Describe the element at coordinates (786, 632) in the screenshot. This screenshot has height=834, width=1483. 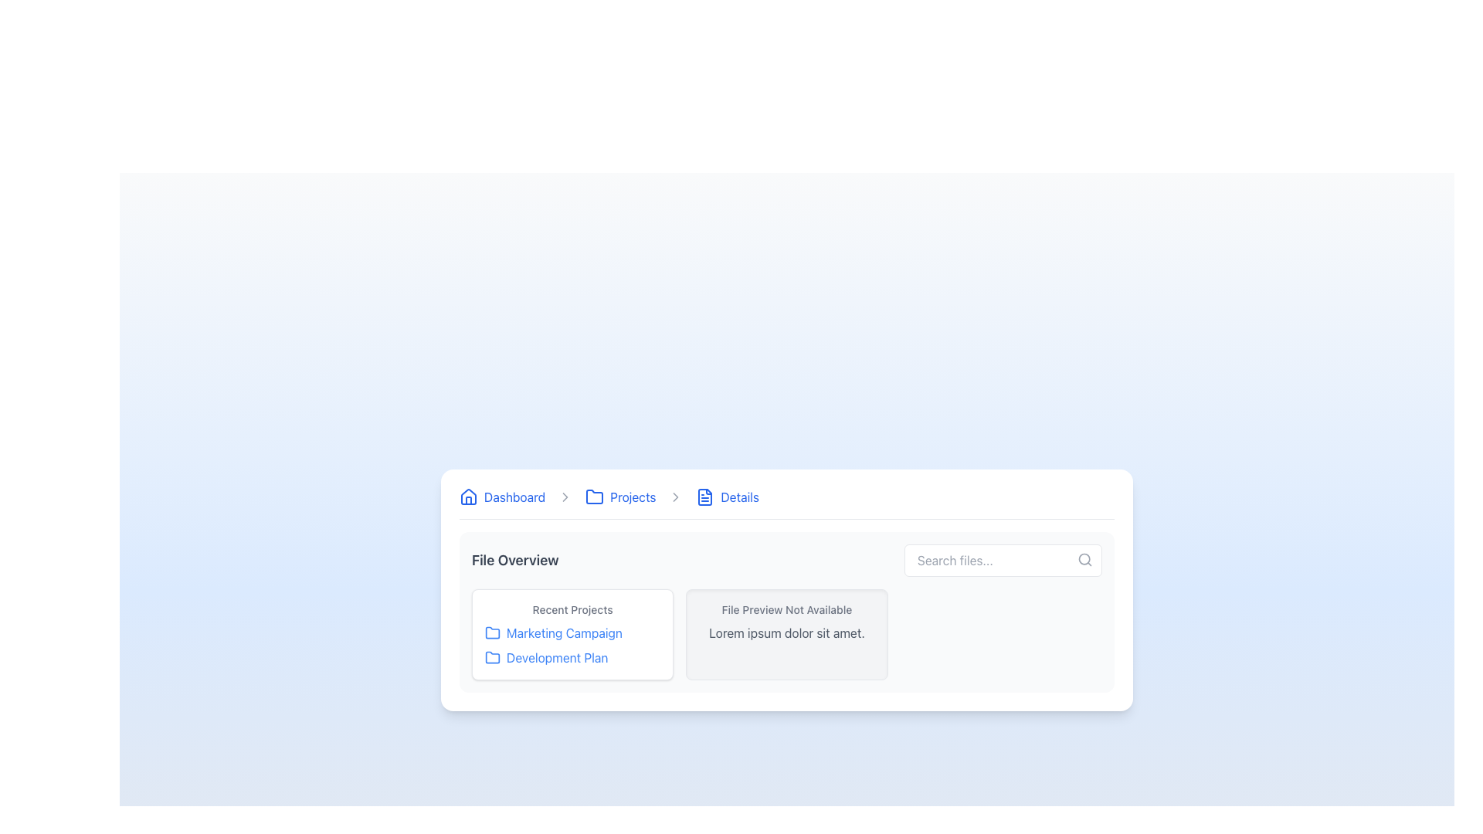
I see `the text area indicating 'File Preview Not Available' within the File Overview section` at that location.